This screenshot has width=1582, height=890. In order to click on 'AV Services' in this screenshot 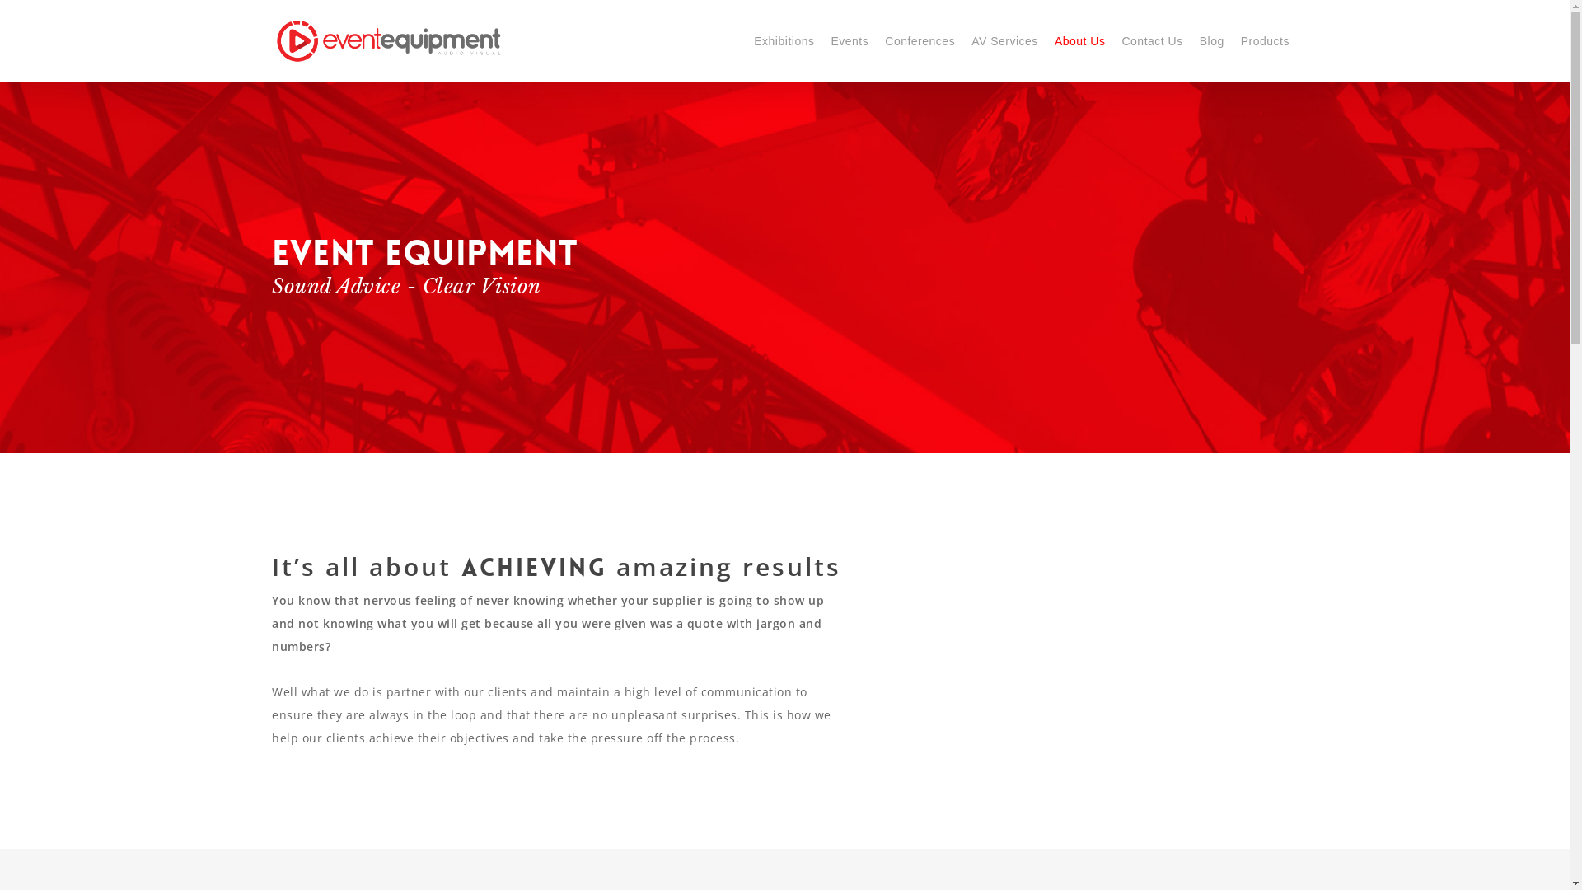, I will do `click(1004, 40)`.